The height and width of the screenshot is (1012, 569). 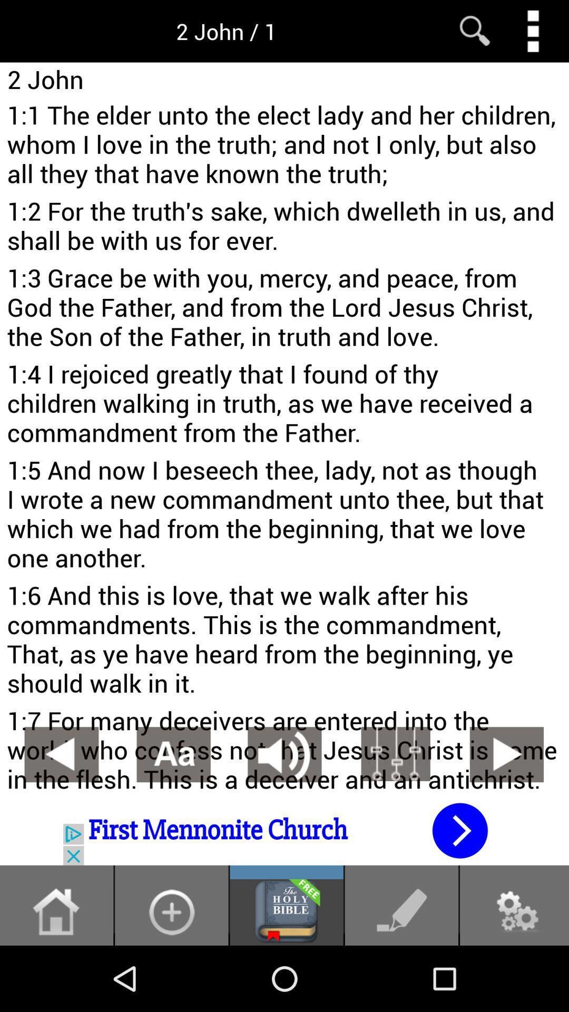 What do you see at coordinates (533, 33) in the screenshot?
I see `the more icon` at bounding box center [533, 33].